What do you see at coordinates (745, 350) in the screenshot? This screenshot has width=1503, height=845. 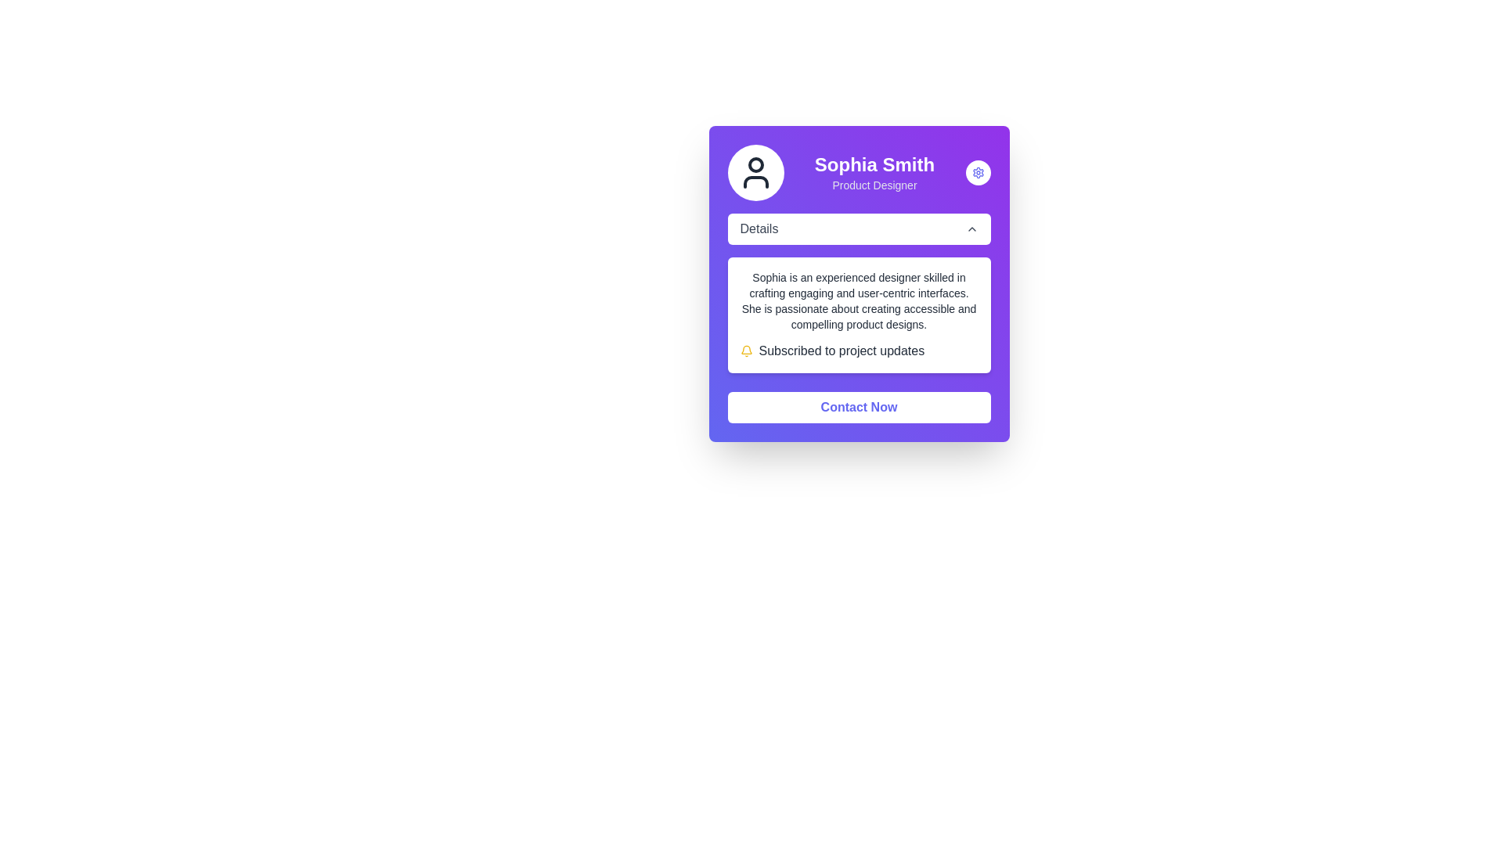 I see `the subscription status icon located on the left side of the 'Subscribed to project updates' text within the user profile card` at bounding box center [745, 350].